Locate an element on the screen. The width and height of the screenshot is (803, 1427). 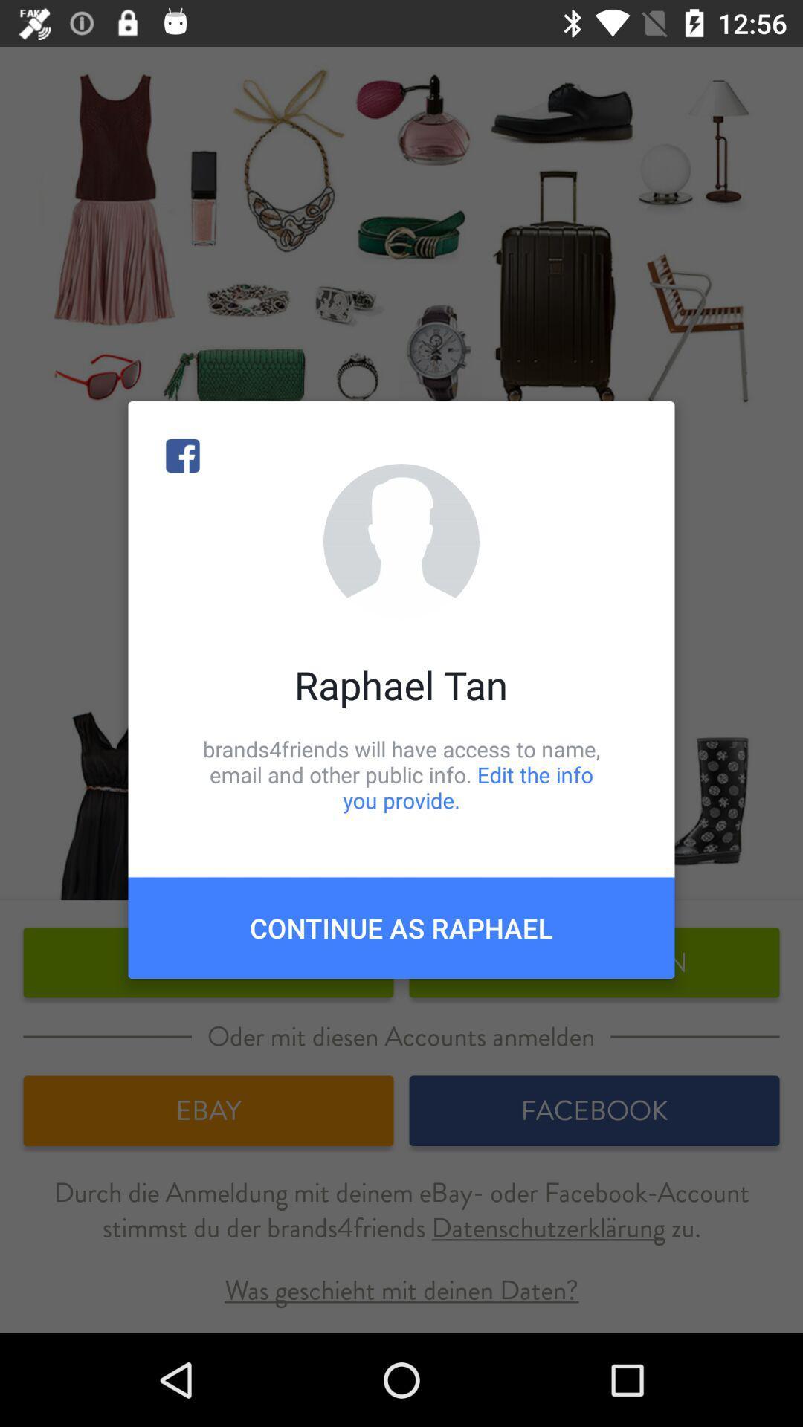
icon below the raphael tan is located at coordinates (401, 774).